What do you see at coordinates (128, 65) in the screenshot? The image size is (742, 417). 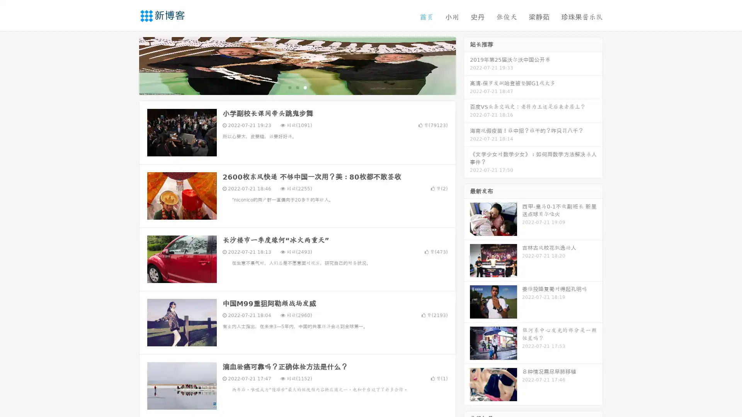 I see `Previous slide` at bounding box center [128, 65].